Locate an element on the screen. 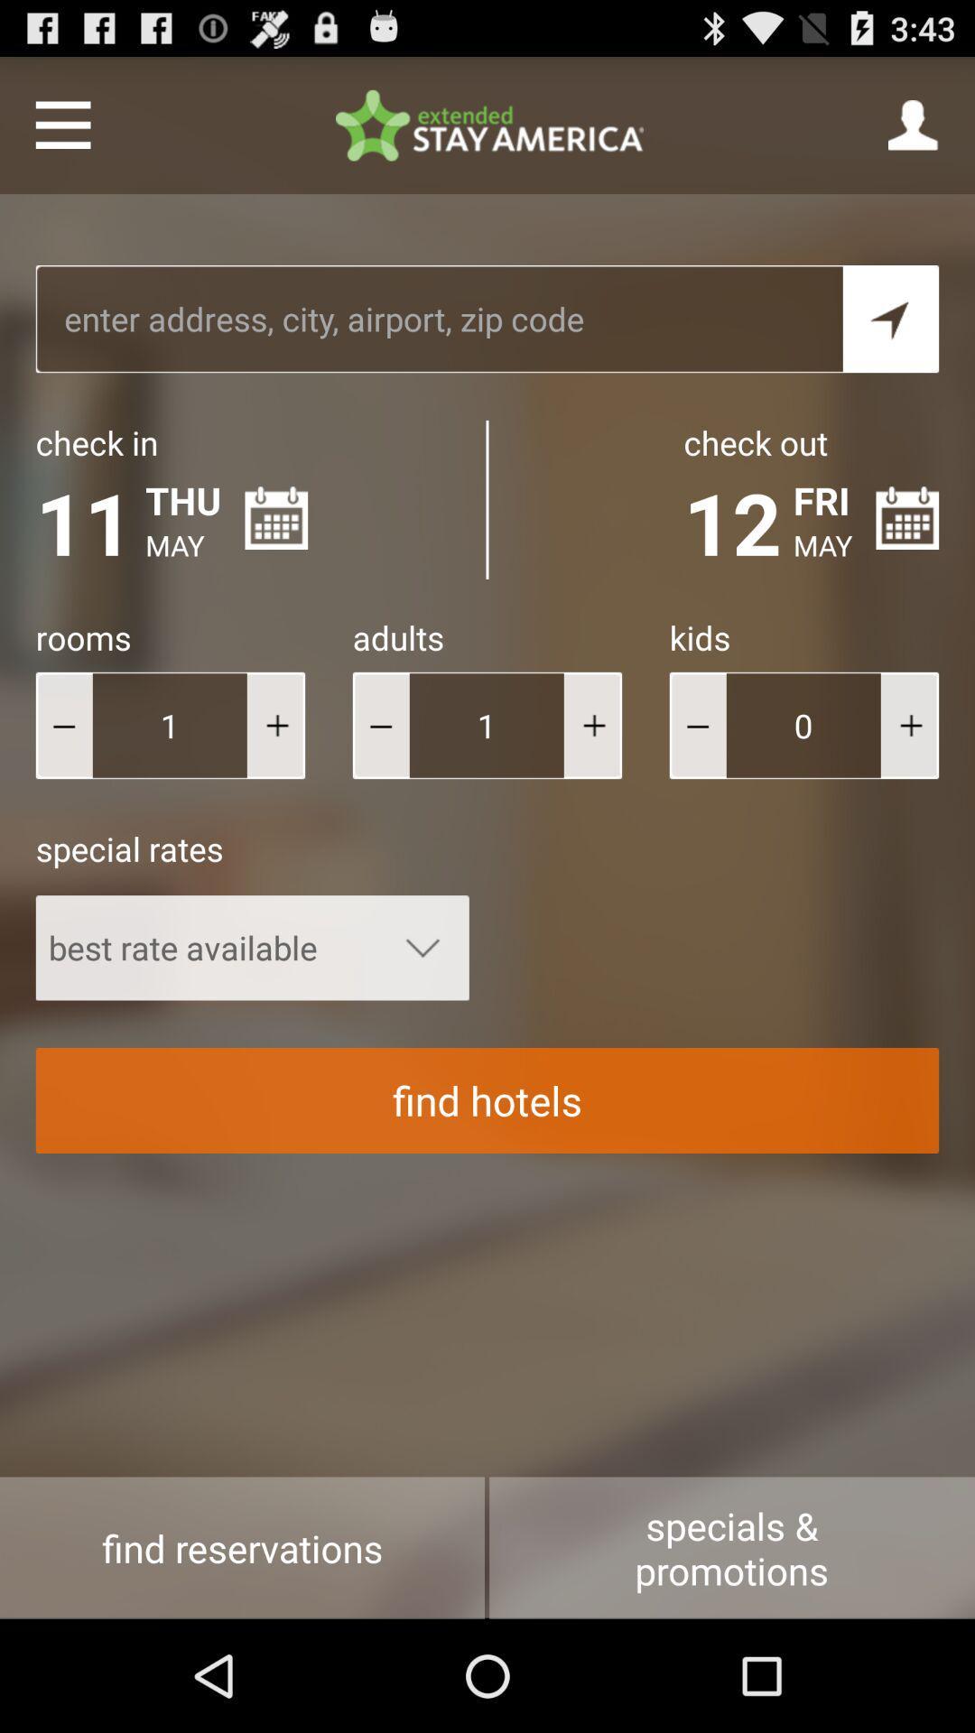 This screenshot has height=1733, width=975. settings is located at coordinates (62, 124).